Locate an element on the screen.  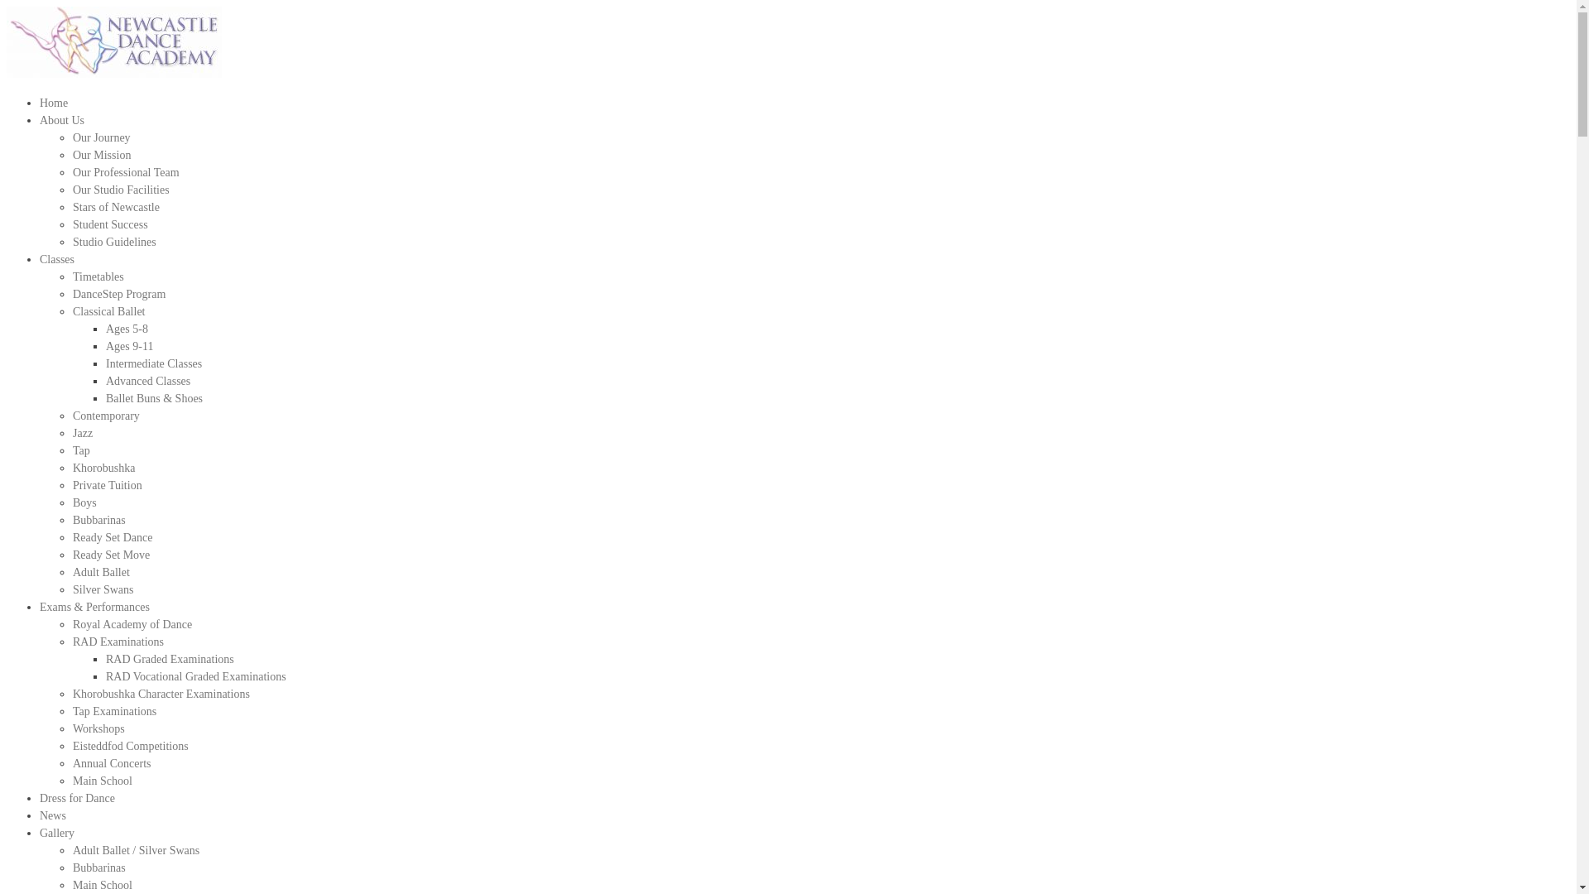
'Exams & Performances' is located at coordinates (94, 607).